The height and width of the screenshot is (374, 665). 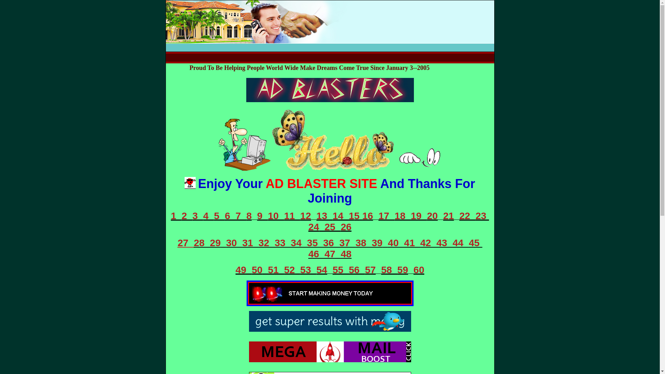 I want to click on '10 ', so click(x=267, y=215).